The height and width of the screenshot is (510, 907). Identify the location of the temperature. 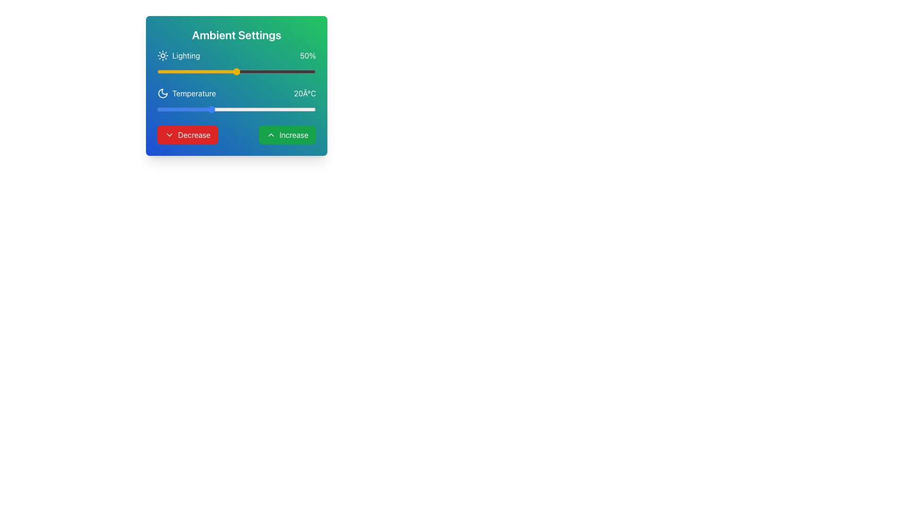
(210, 109).